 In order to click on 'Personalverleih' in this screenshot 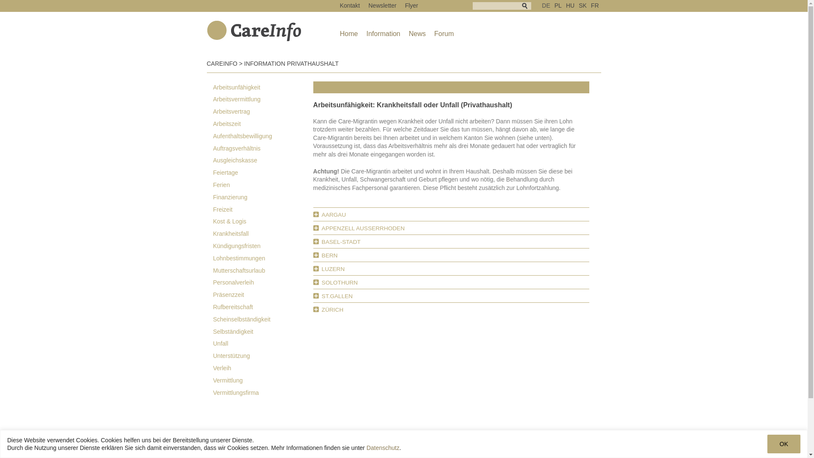, I will do `click(262, 282)`.